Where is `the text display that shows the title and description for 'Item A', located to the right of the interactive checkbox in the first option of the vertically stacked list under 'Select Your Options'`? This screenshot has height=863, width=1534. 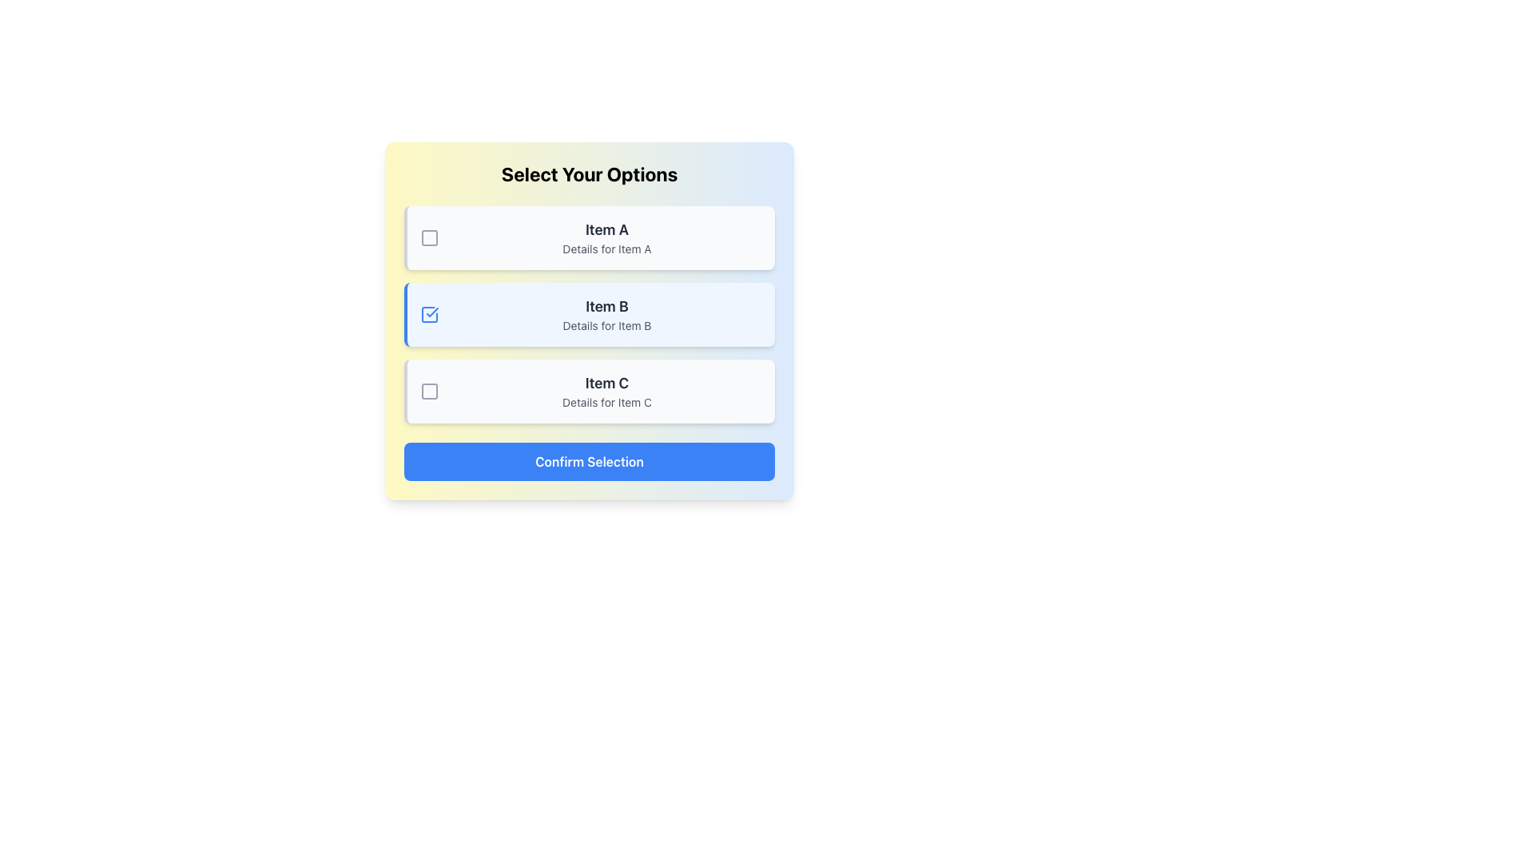 the text display that shows the title and description for 'Item A', located to the right of the interactive checkbox in the first option of the vertically stacked list under 'Select Your Options' is located at coordinates (606, 237).